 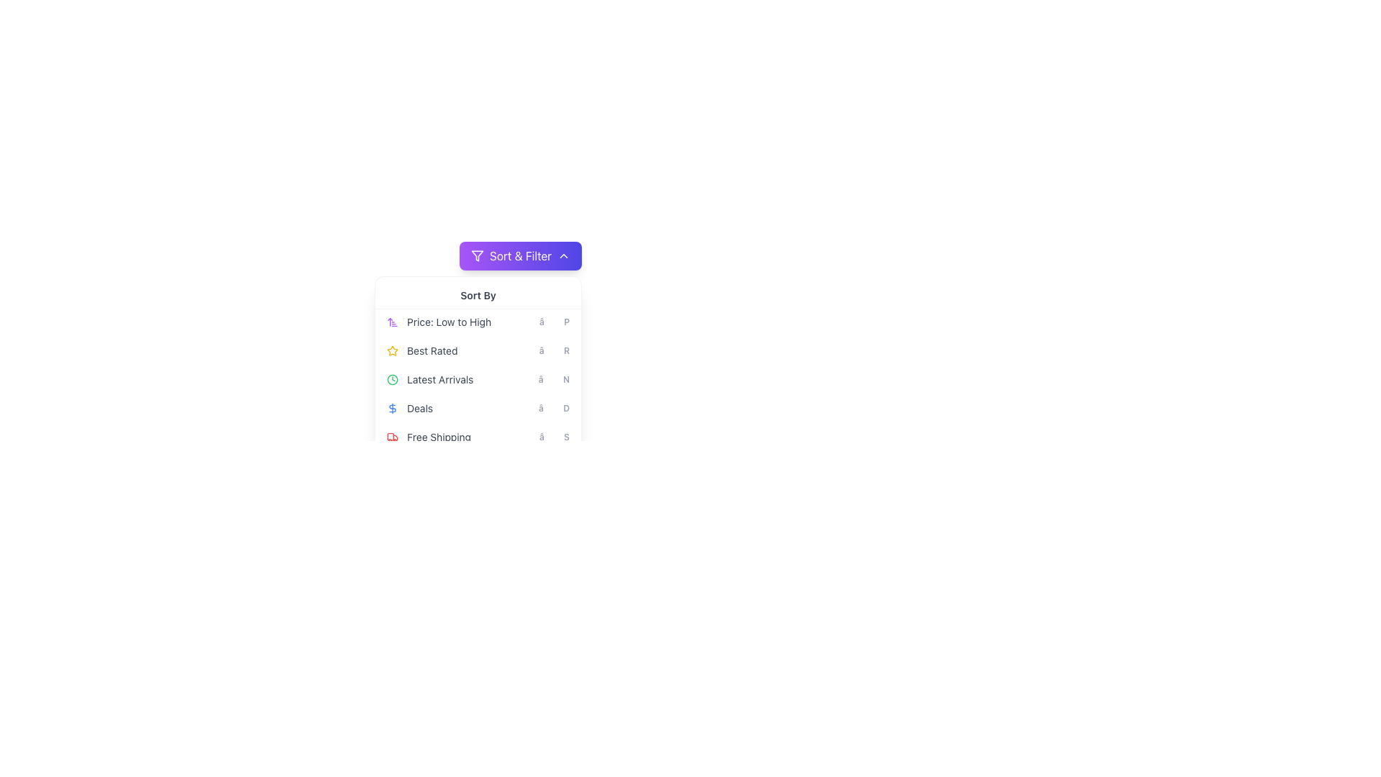 What do you see at coordinates (393, 350) in the screenshot?
I see `the star-shaped SVG icon that symbolizes a rating or favorite feature, prominently located next to the 'Best Rated' item in the list` at bounding box center [393, 350].